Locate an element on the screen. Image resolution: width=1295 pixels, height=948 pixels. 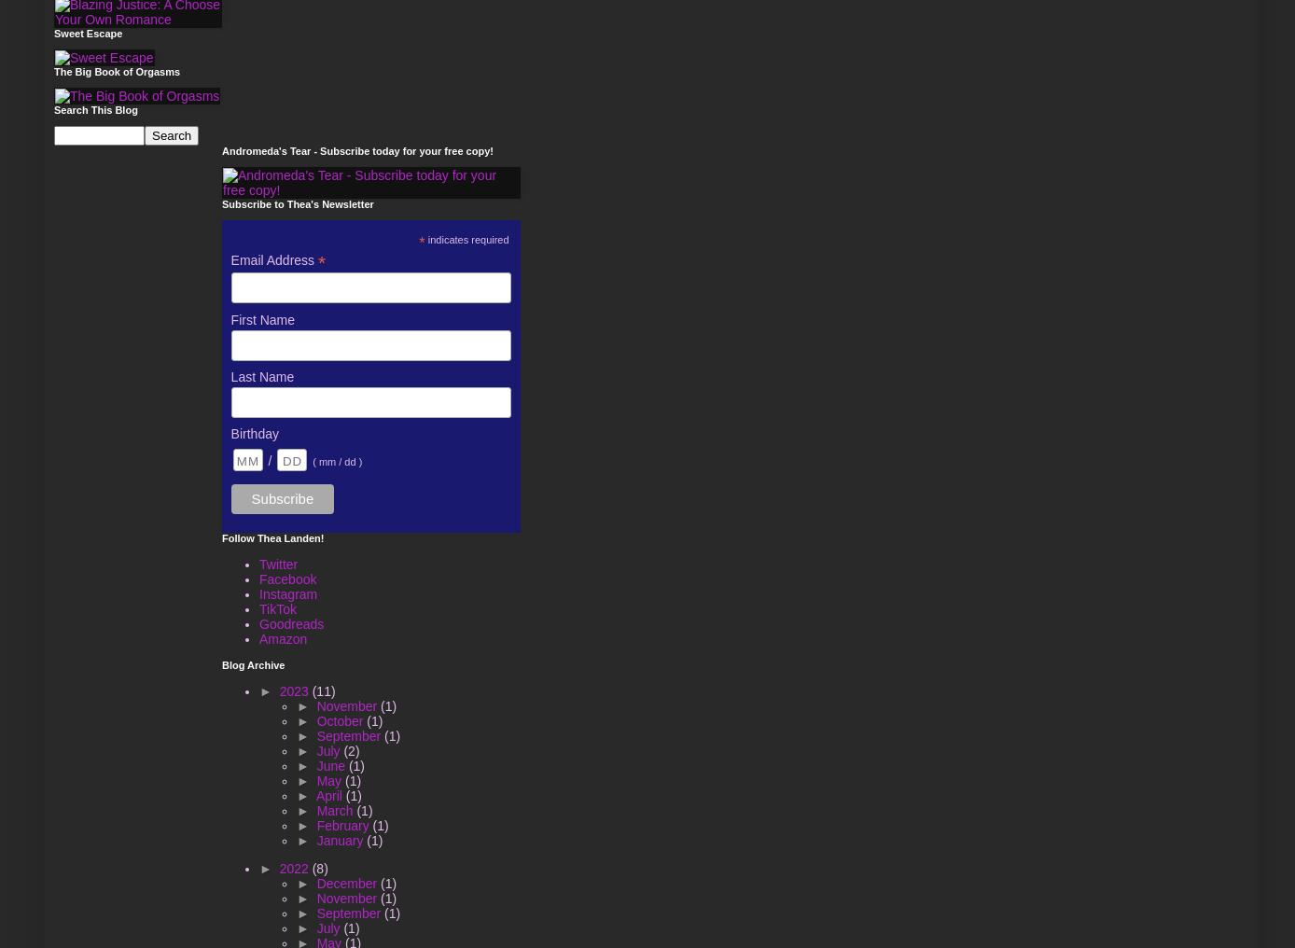
'(8)' is located at coordinates (318, 867).